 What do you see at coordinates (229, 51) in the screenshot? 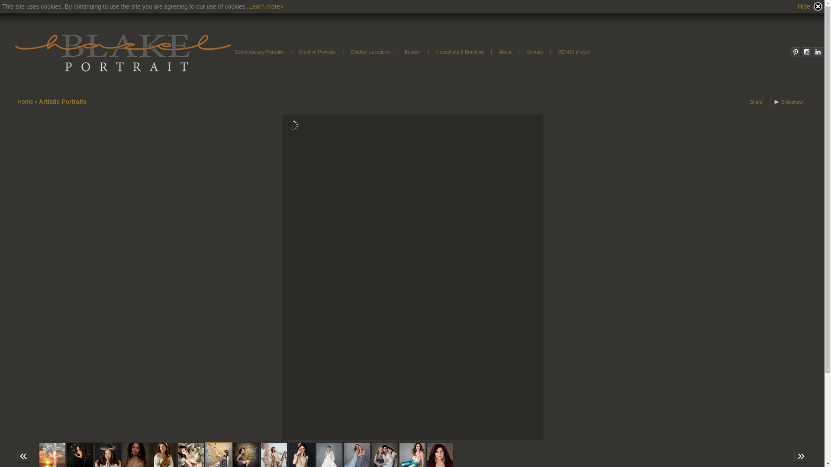
I see `'Contemporary Portraits'` at bounding box center [229, 51].